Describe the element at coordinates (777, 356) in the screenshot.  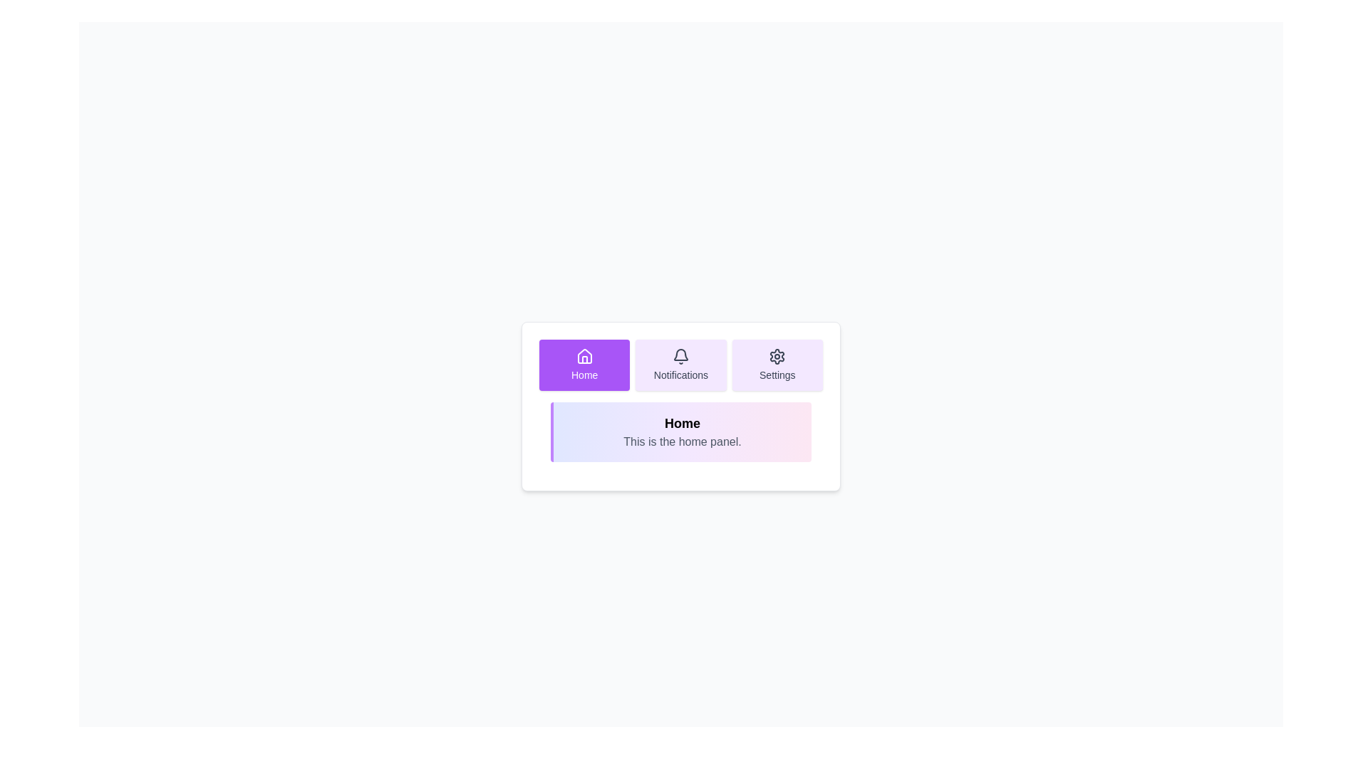
I see `the gear icon within the light purple 'Settings' button` at that location.